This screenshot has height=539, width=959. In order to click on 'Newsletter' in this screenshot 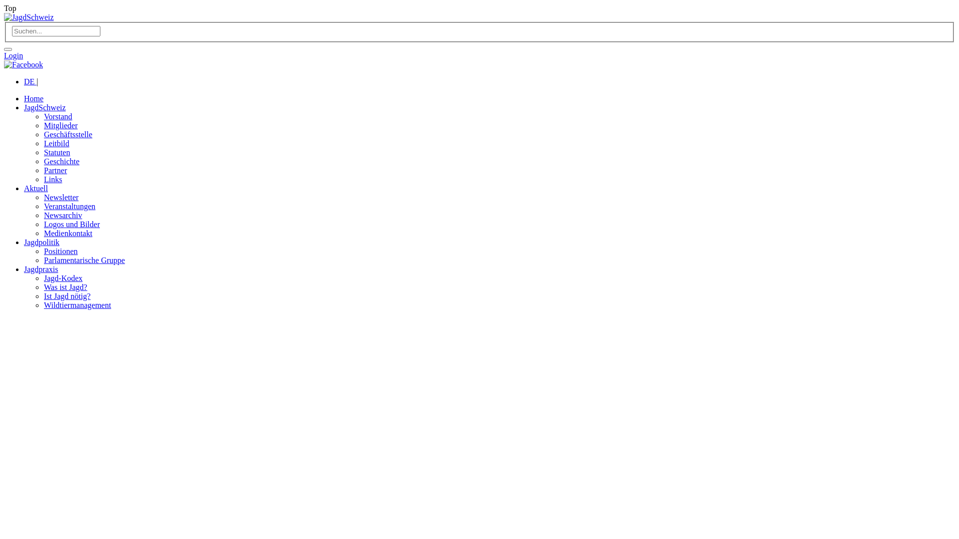, I will do `click(60, 197)`.